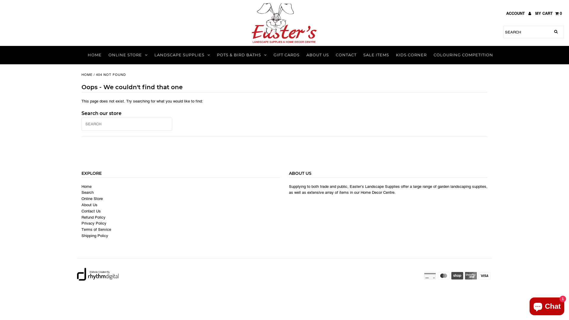  Describe the element at coordinates (376, 55) in the screenshot. I see `'SALE ITEMS'` at that location.